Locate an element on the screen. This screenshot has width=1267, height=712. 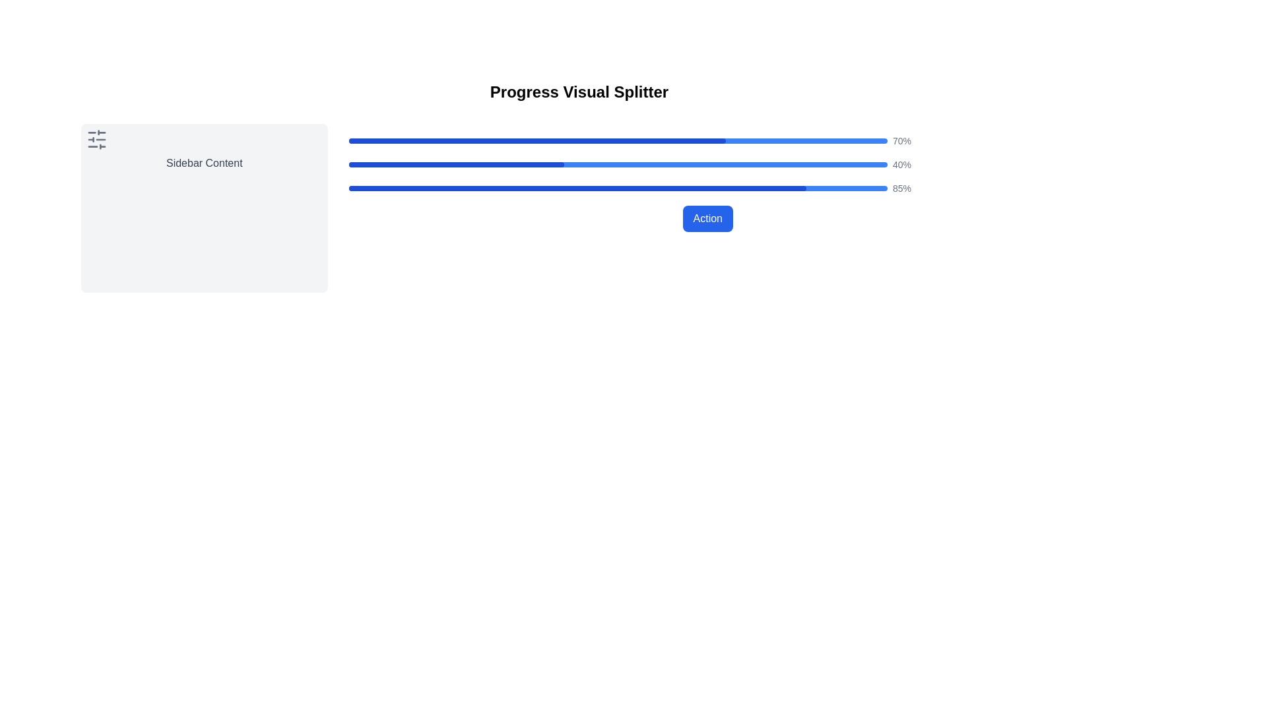
the Progress Bar Filler, which visually represents the completed portion of the first progress bar indicating task completion is located at coordinates (537, 140).